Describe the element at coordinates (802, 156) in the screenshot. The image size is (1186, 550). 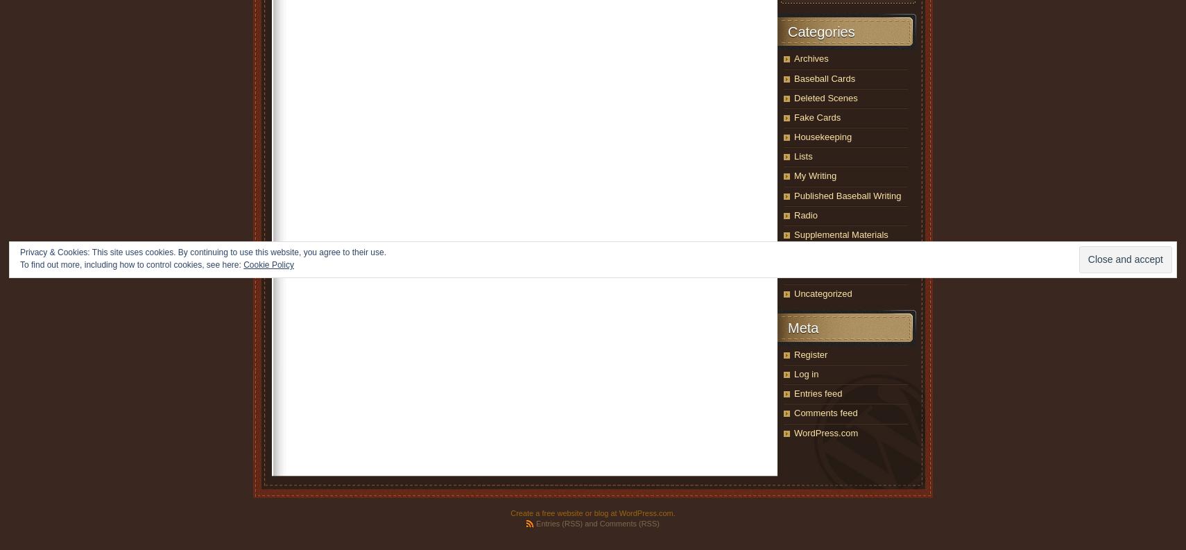
I see `'Lists'` at that location.